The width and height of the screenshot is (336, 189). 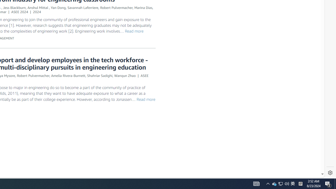 What do you see at coordinates (143, 8) in the screenshot?
I see `'Marina Dias'` at bounding box center [143, 8].